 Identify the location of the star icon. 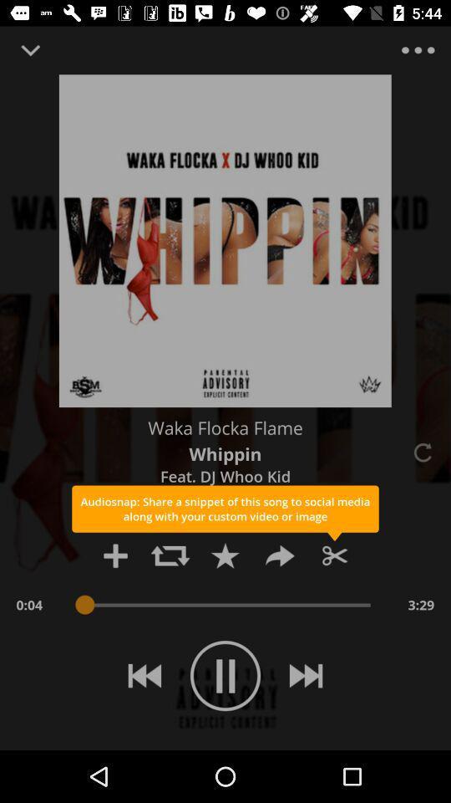
(225, 555).